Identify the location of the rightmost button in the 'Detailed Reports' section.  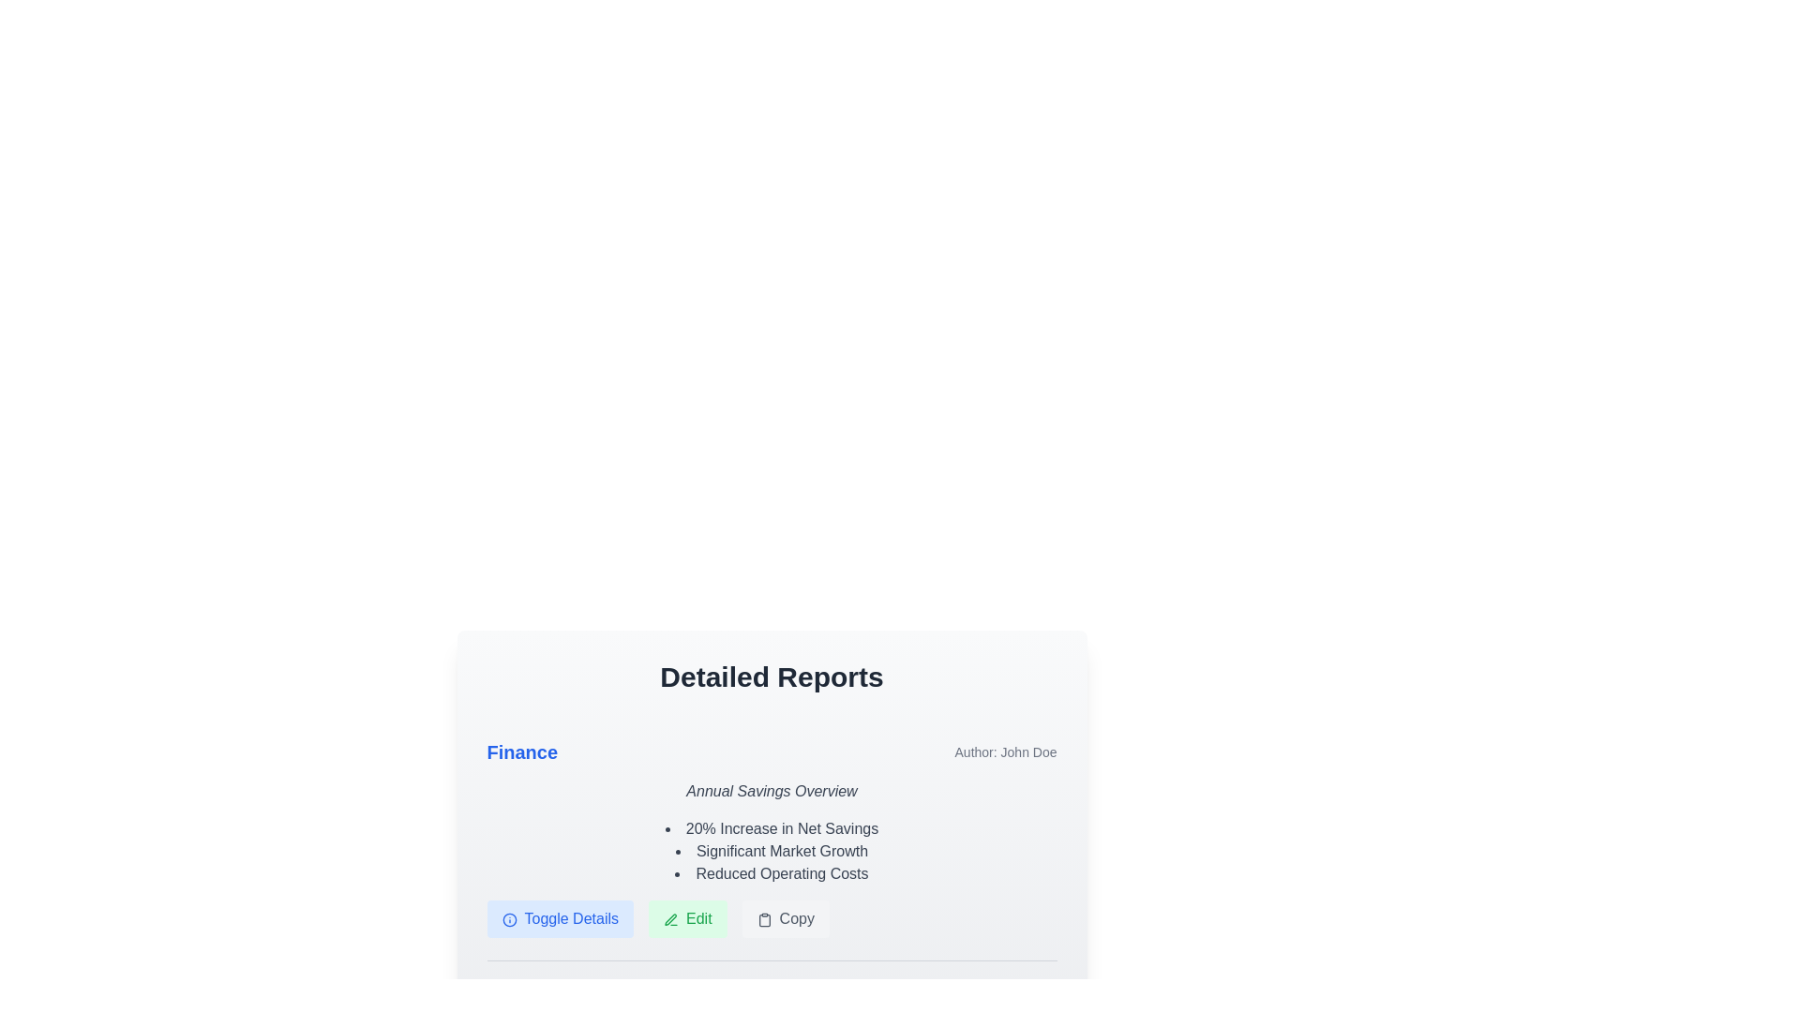
(786, 917).